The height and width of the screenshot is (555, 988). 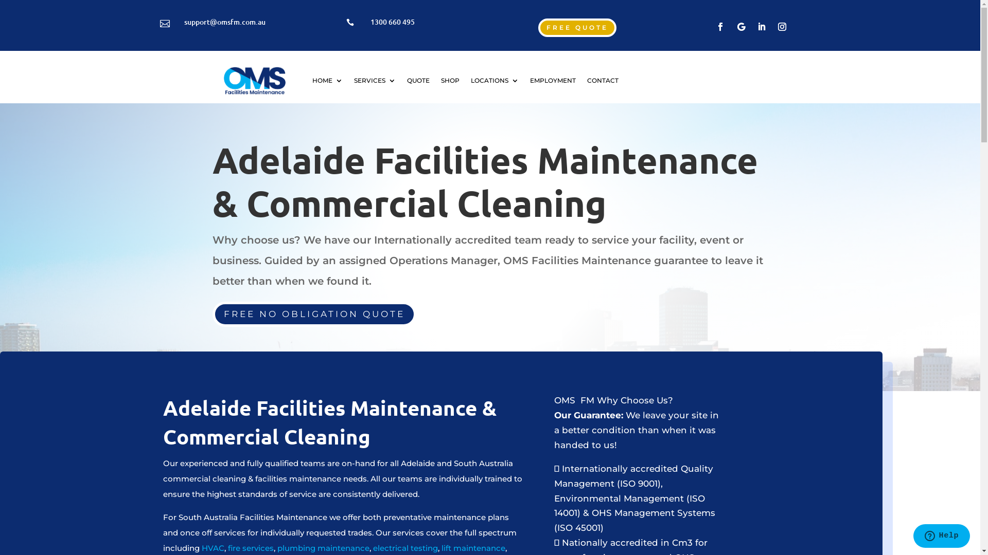 I want to click on 'FREE QUOTE', so click(x=577, y=27).